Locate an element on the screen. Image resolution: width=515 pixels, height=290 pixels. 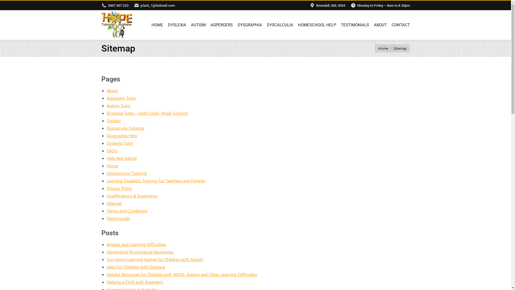
'Developing Phonological Awareness' is located at coordinates (140, 252).